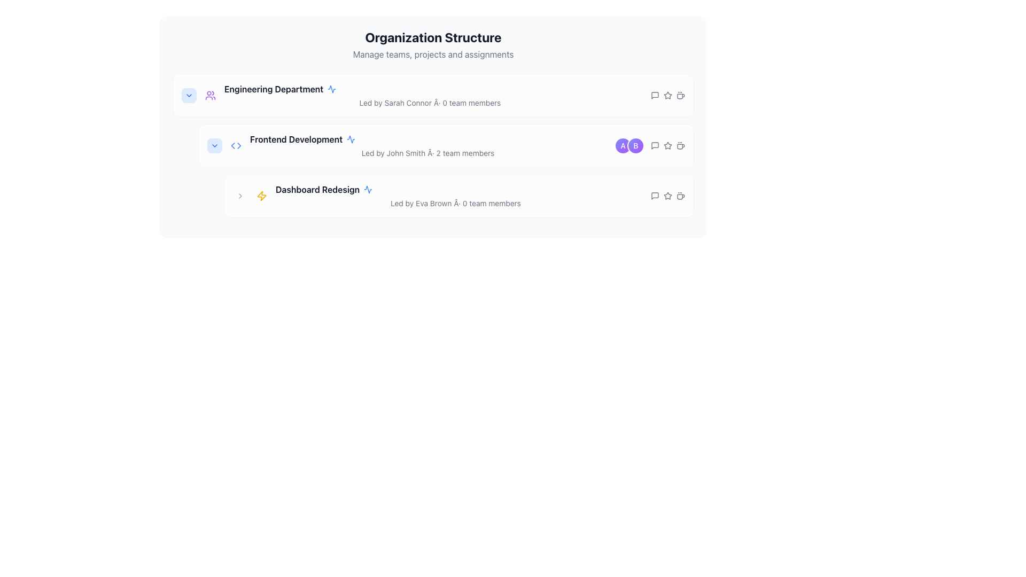 The width and height of the screenshot is (1026, 577). I want to click on the coffee icon located in the third row, far right, next to action buttons like the star or chat icon, so click(680, 197).